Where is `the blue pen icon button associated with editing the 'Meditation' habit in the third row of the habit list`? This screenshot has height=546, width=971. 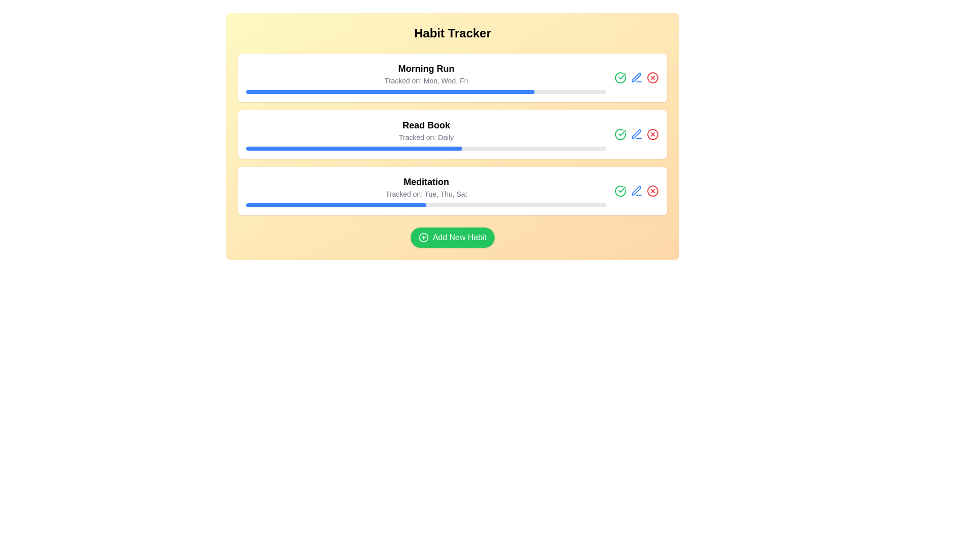 the blue pen icon button associated with editing the 'Meditation' habit in the third row of the habit list is located at coordinates (636, 191).